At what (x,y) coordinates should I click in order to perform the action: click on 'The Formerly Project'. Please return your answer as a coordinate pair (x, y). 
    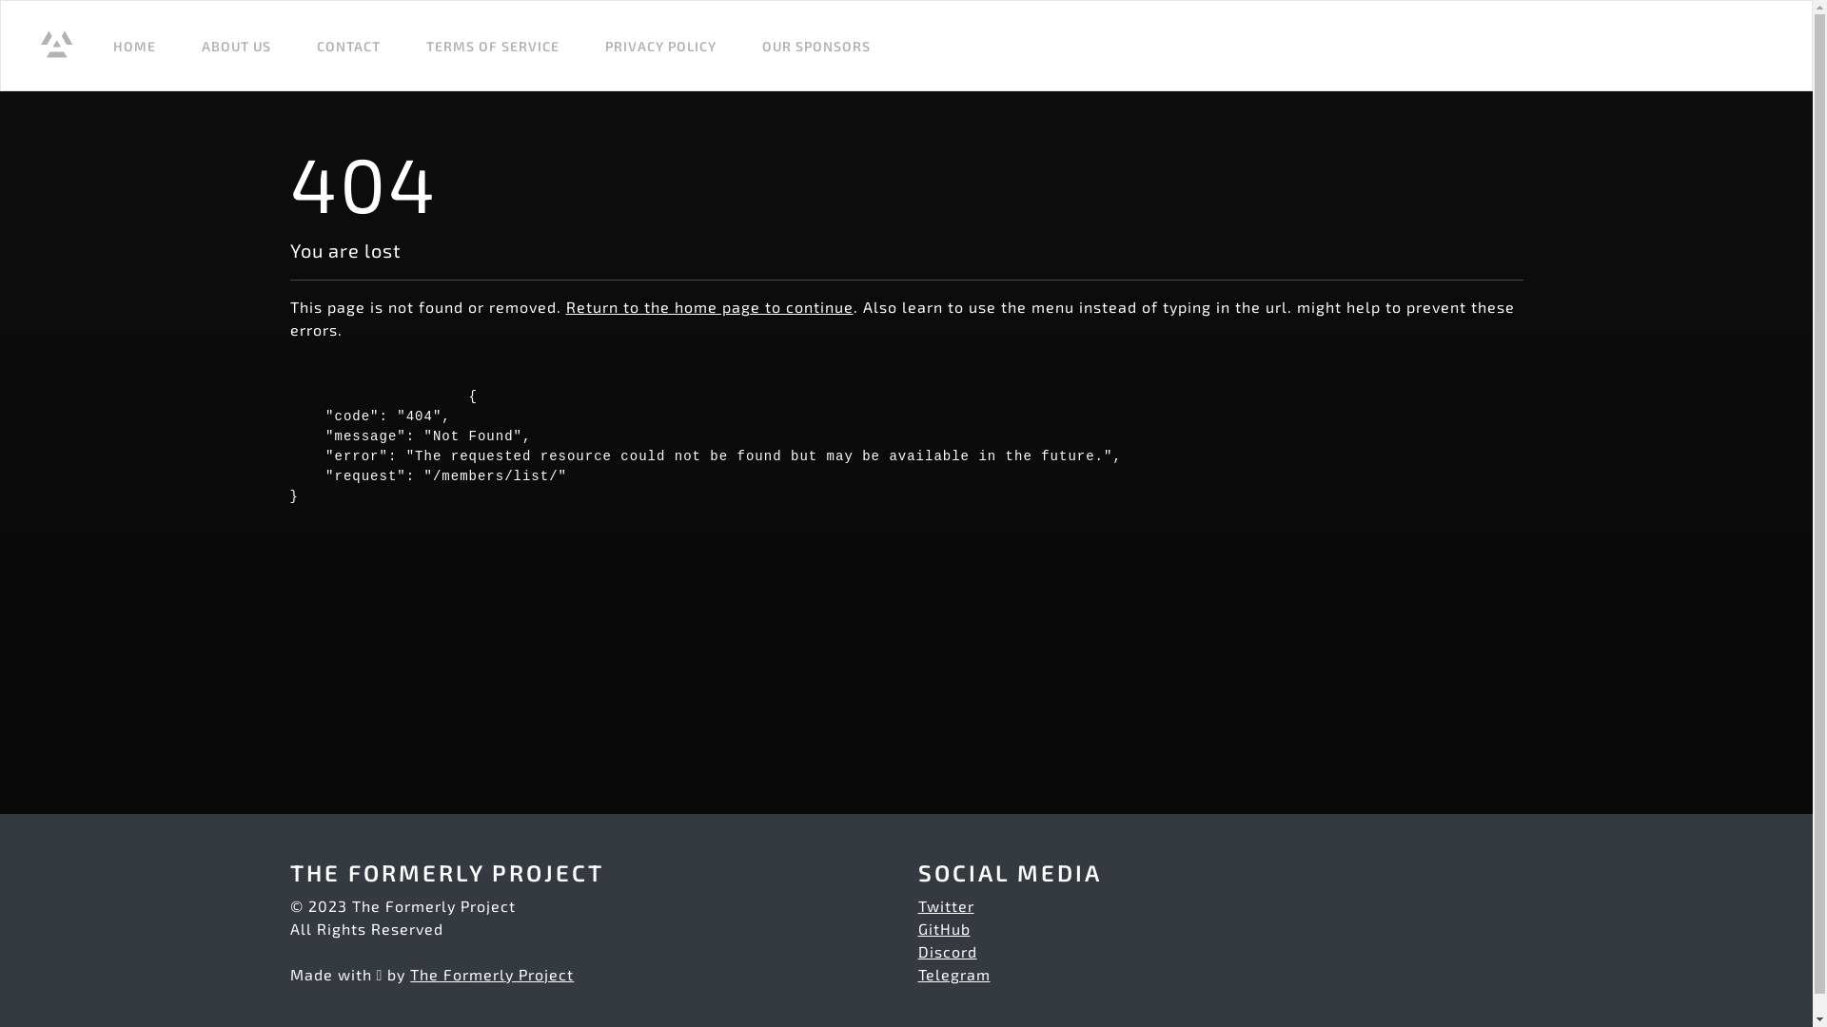
    Looking at the image, I should click on (492, 974).